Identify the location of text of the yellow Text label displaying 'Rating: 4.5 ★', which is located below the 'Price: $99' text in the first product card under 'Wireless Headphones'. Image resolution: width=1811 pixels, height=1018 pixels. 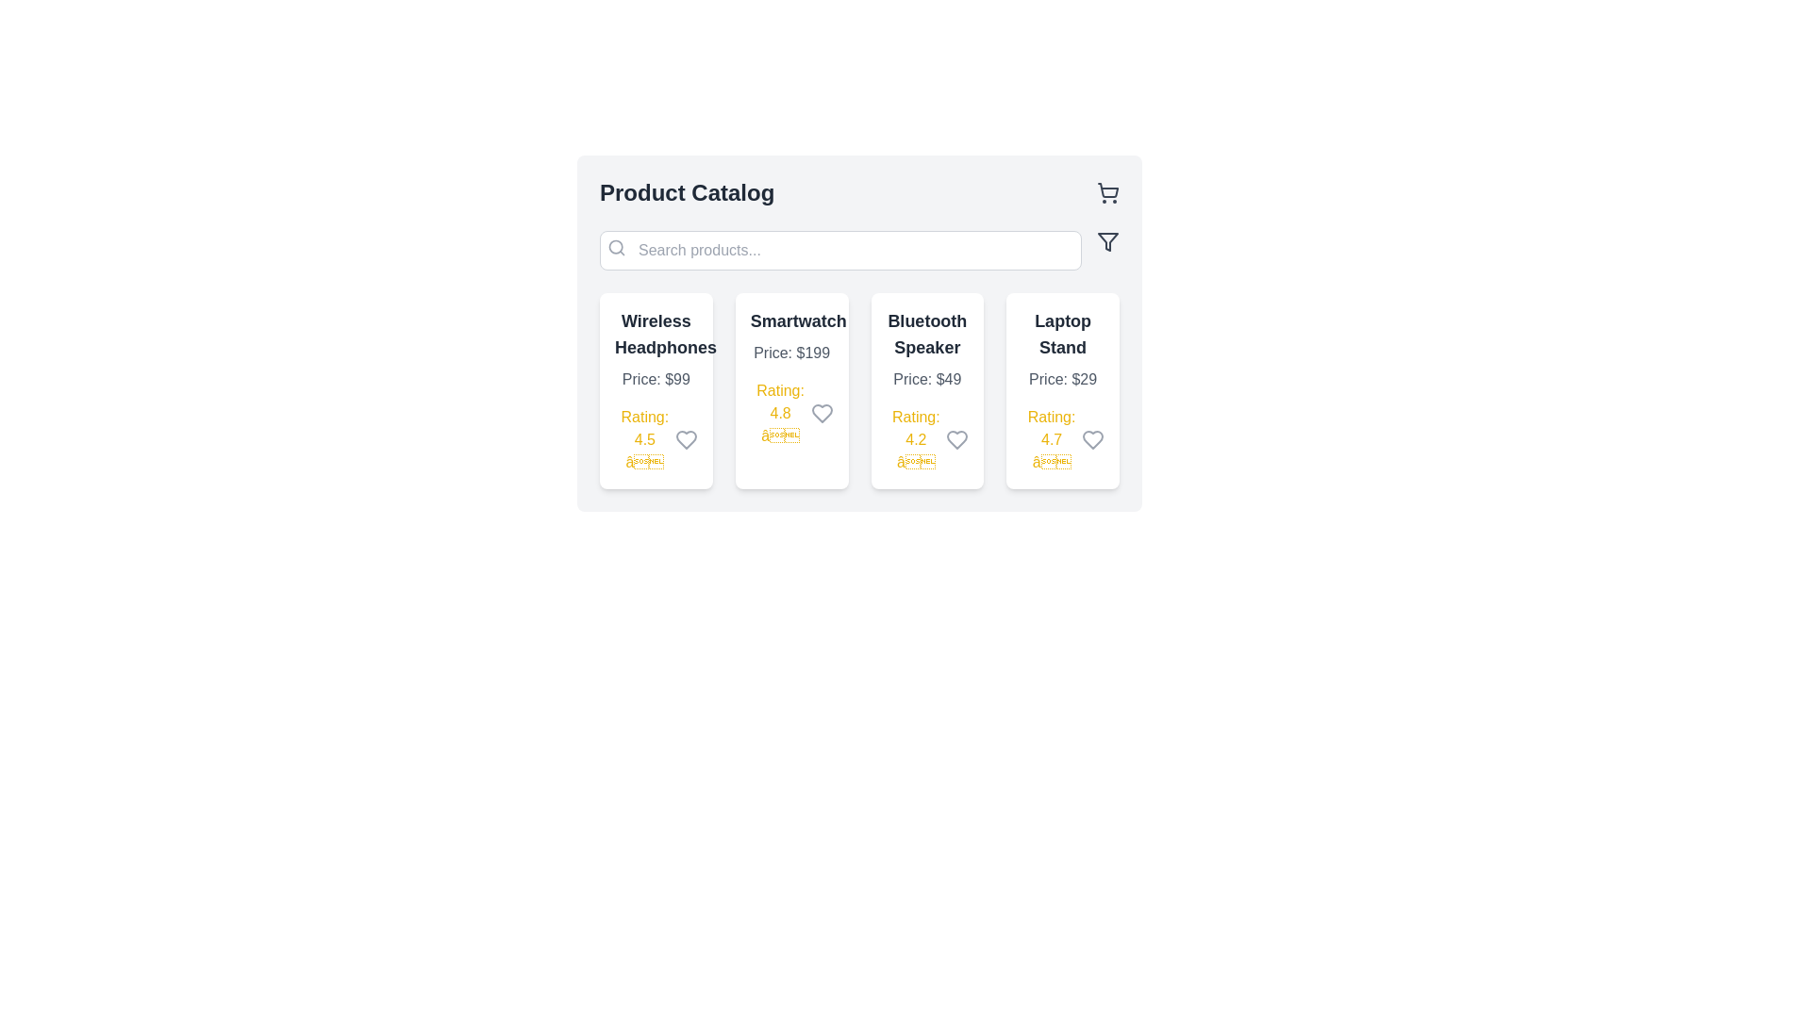
(644, 439).